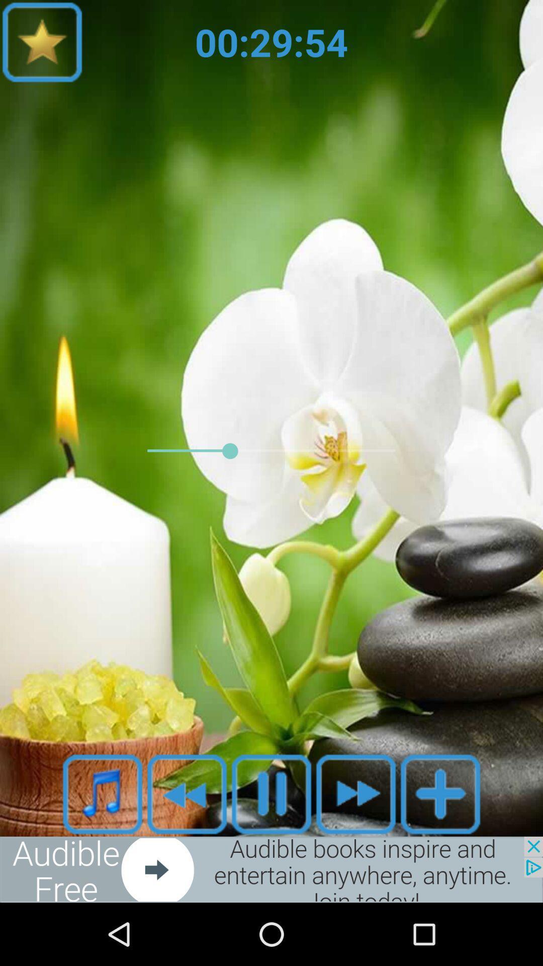 The height and width of the screenshot is (966, 543). I want to click on view/listen to favorites, so click(42, 41).